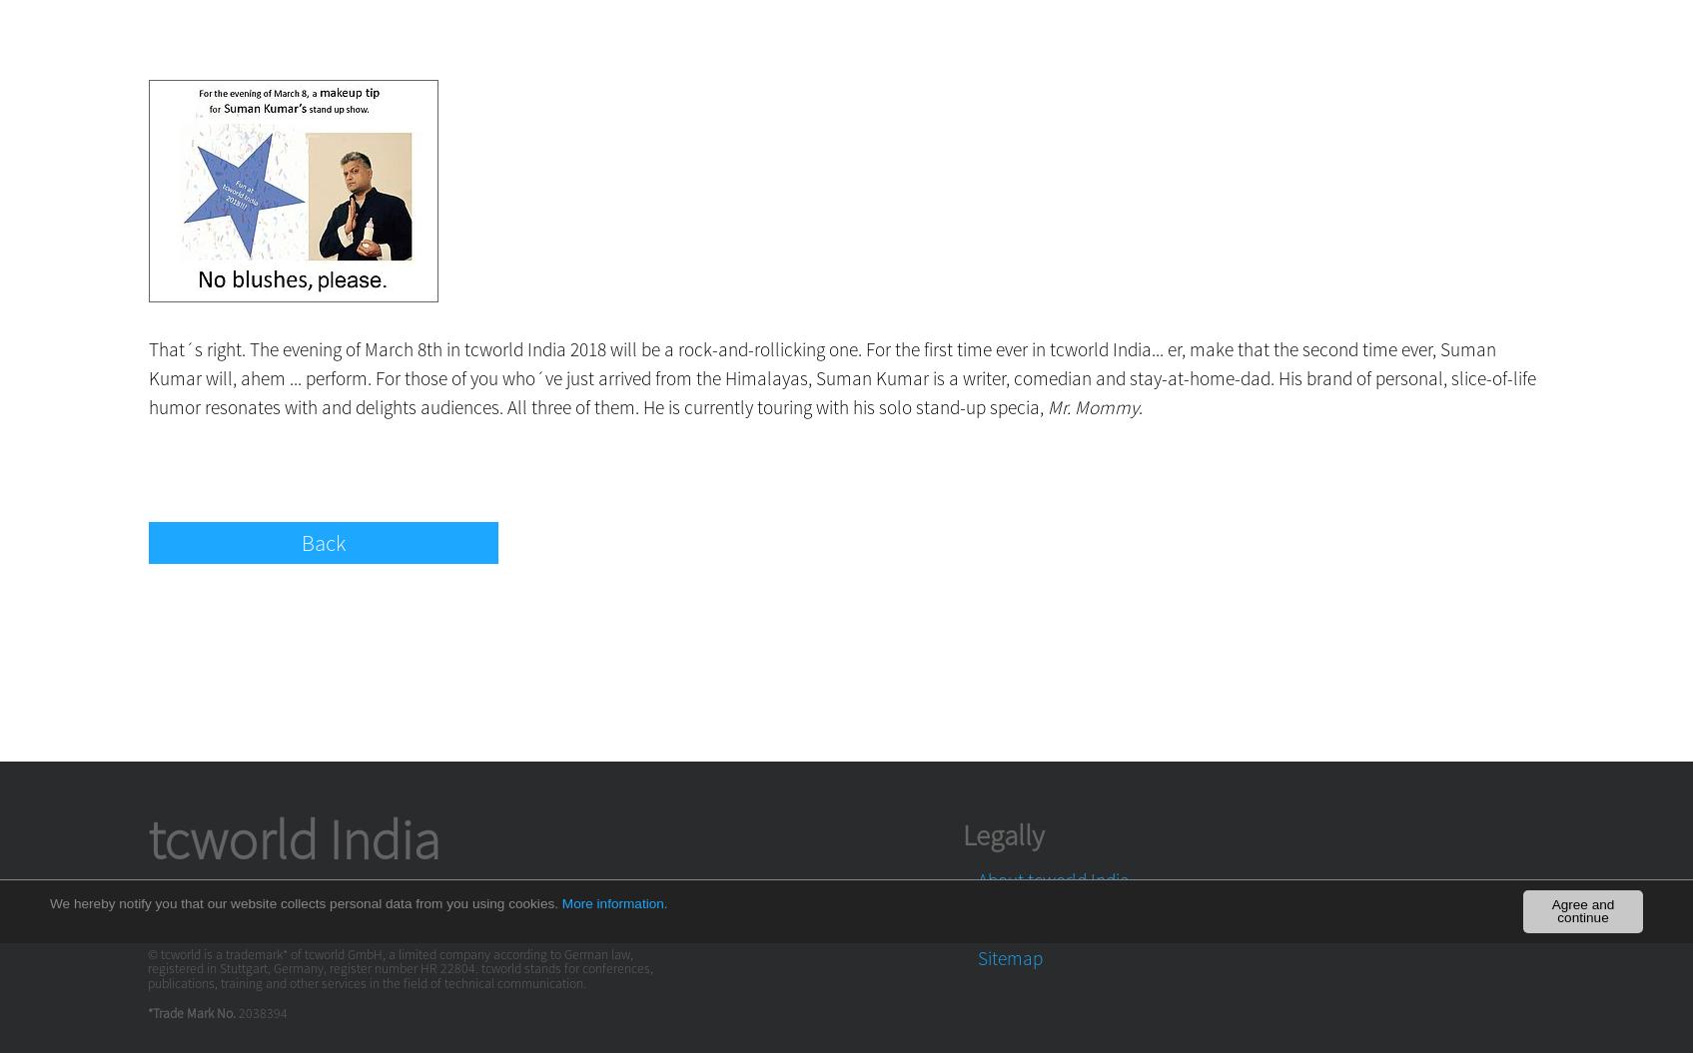 This screenshot has height=1053, width=1693. What do you see at coordinates (841, 377) in the screenshot?
I see `'That´s right. The evening of March 8th in tcworld India 2018 will be a rock-and-rollicking one. For the first time ever in tcworld India... er, make that the second time ever, Suman Kumar will, ahem ... perform. For those of you who´ve just arrived from the Himalayas, Suman Kumar is a writer, comedian and stay-at-home-dad. His brand of personal, slice-of-life humor resonates with and delights audiences. All three of them. He is currently touring with his solo stand-up specia,'` at bounding box center [841, 377].